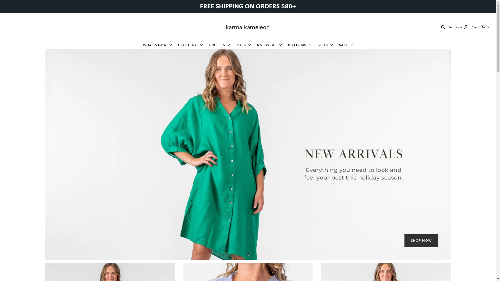 This screenshot has width=500, height=281. Describe the element at coordinates (233, 45) in the screenshot. I see `'TOPS'` at that location.